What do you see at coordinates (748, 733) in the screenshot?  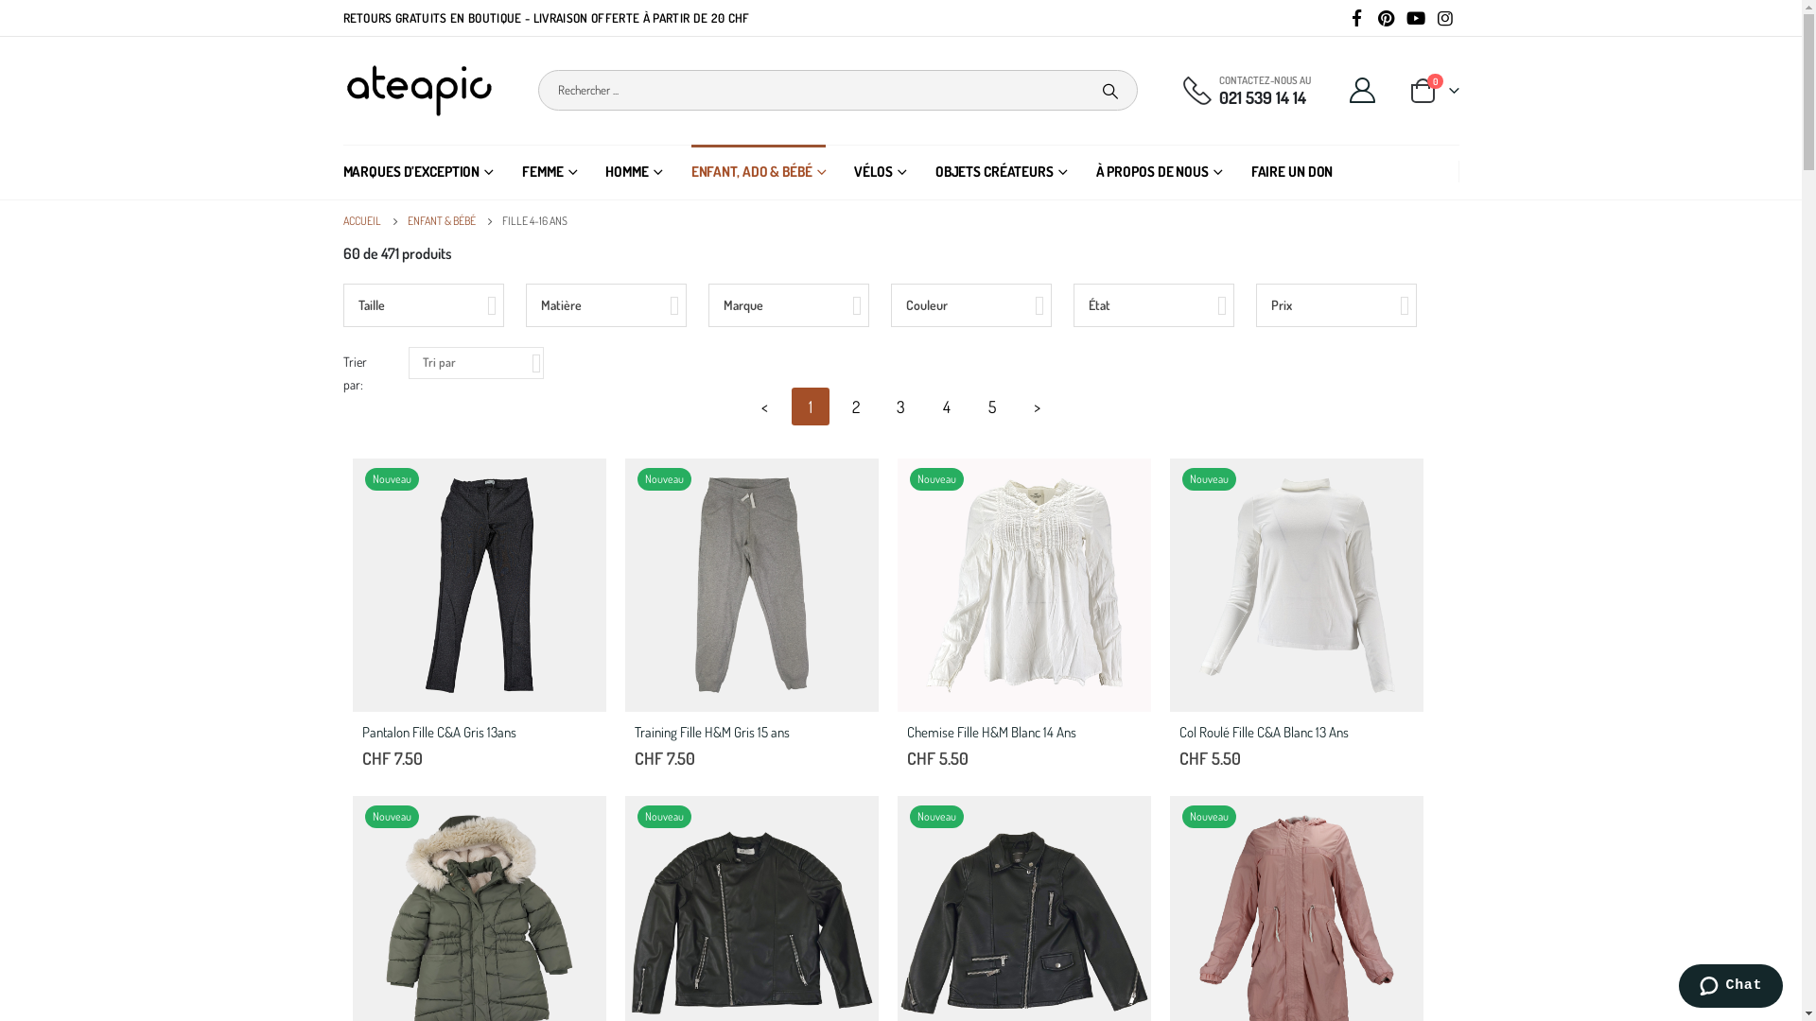 I see `'Training Fille H&M Gris 15 ans'` at bounding box center [748, 733].